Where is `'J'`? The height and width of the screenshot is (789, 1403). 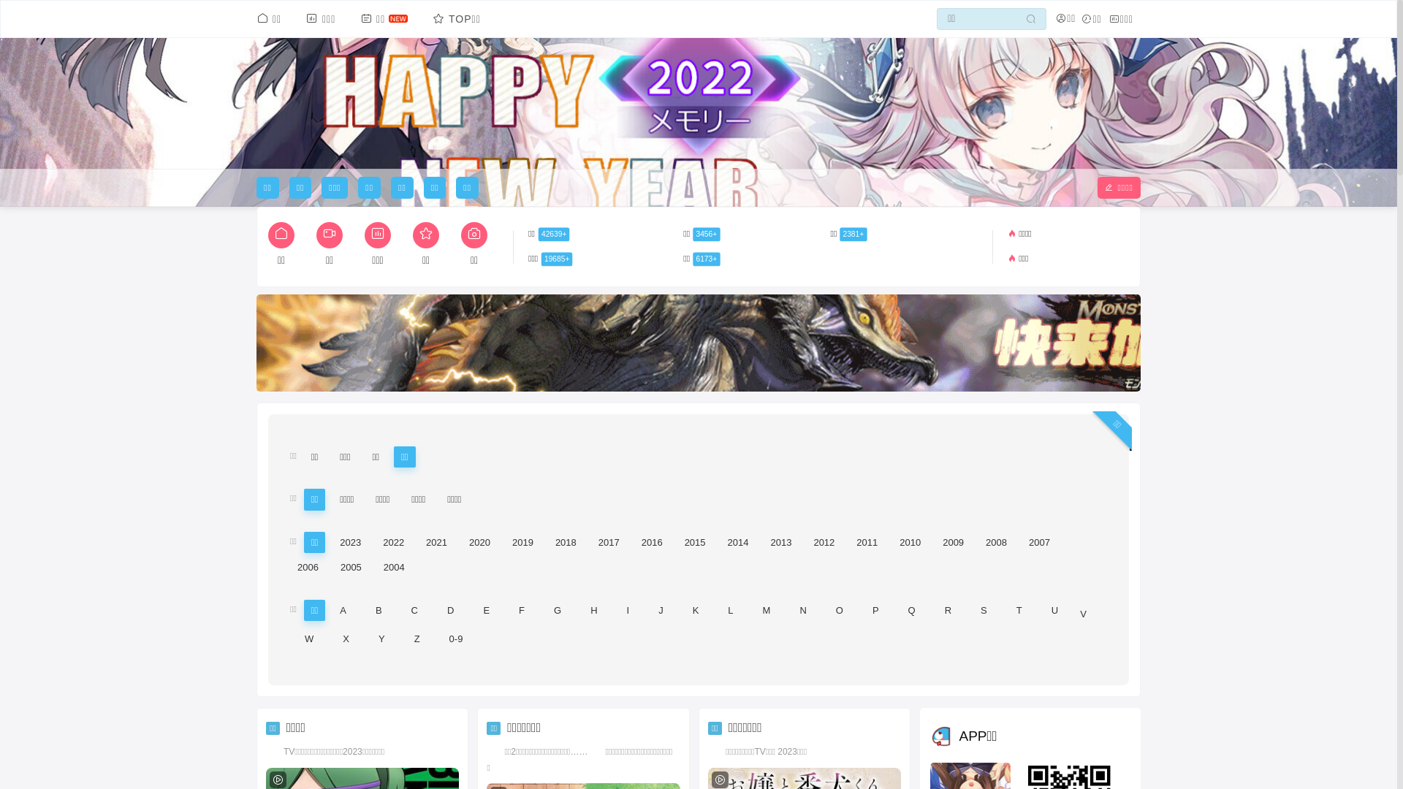
'J' is located at coordinates (660, 610).